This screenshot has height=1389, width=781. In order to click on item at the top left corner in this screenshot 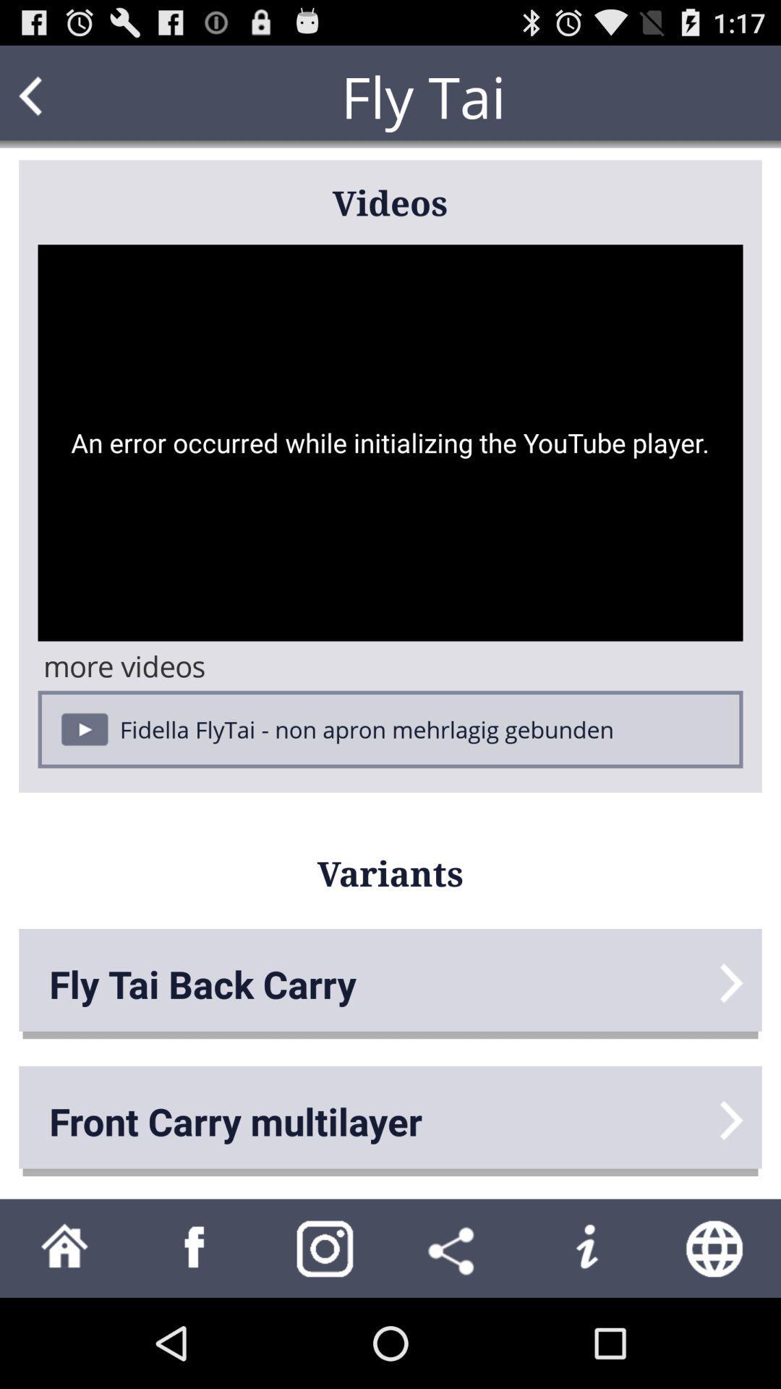, I will do `click(58, 95)`.